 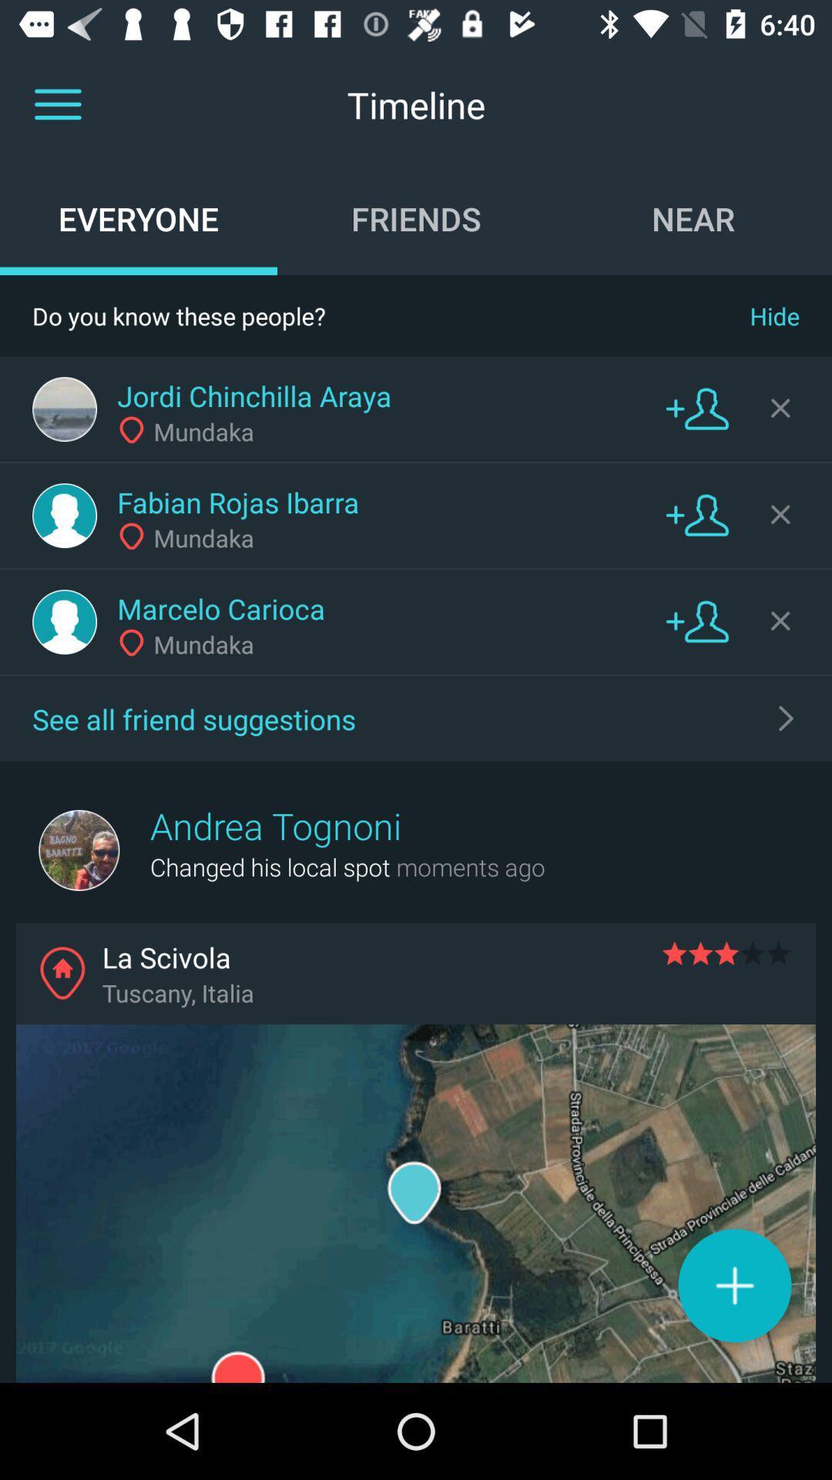 What do you see at coordinates (64, 515) in the screenshot?
I see `profile` at bounding box center [64, 515].